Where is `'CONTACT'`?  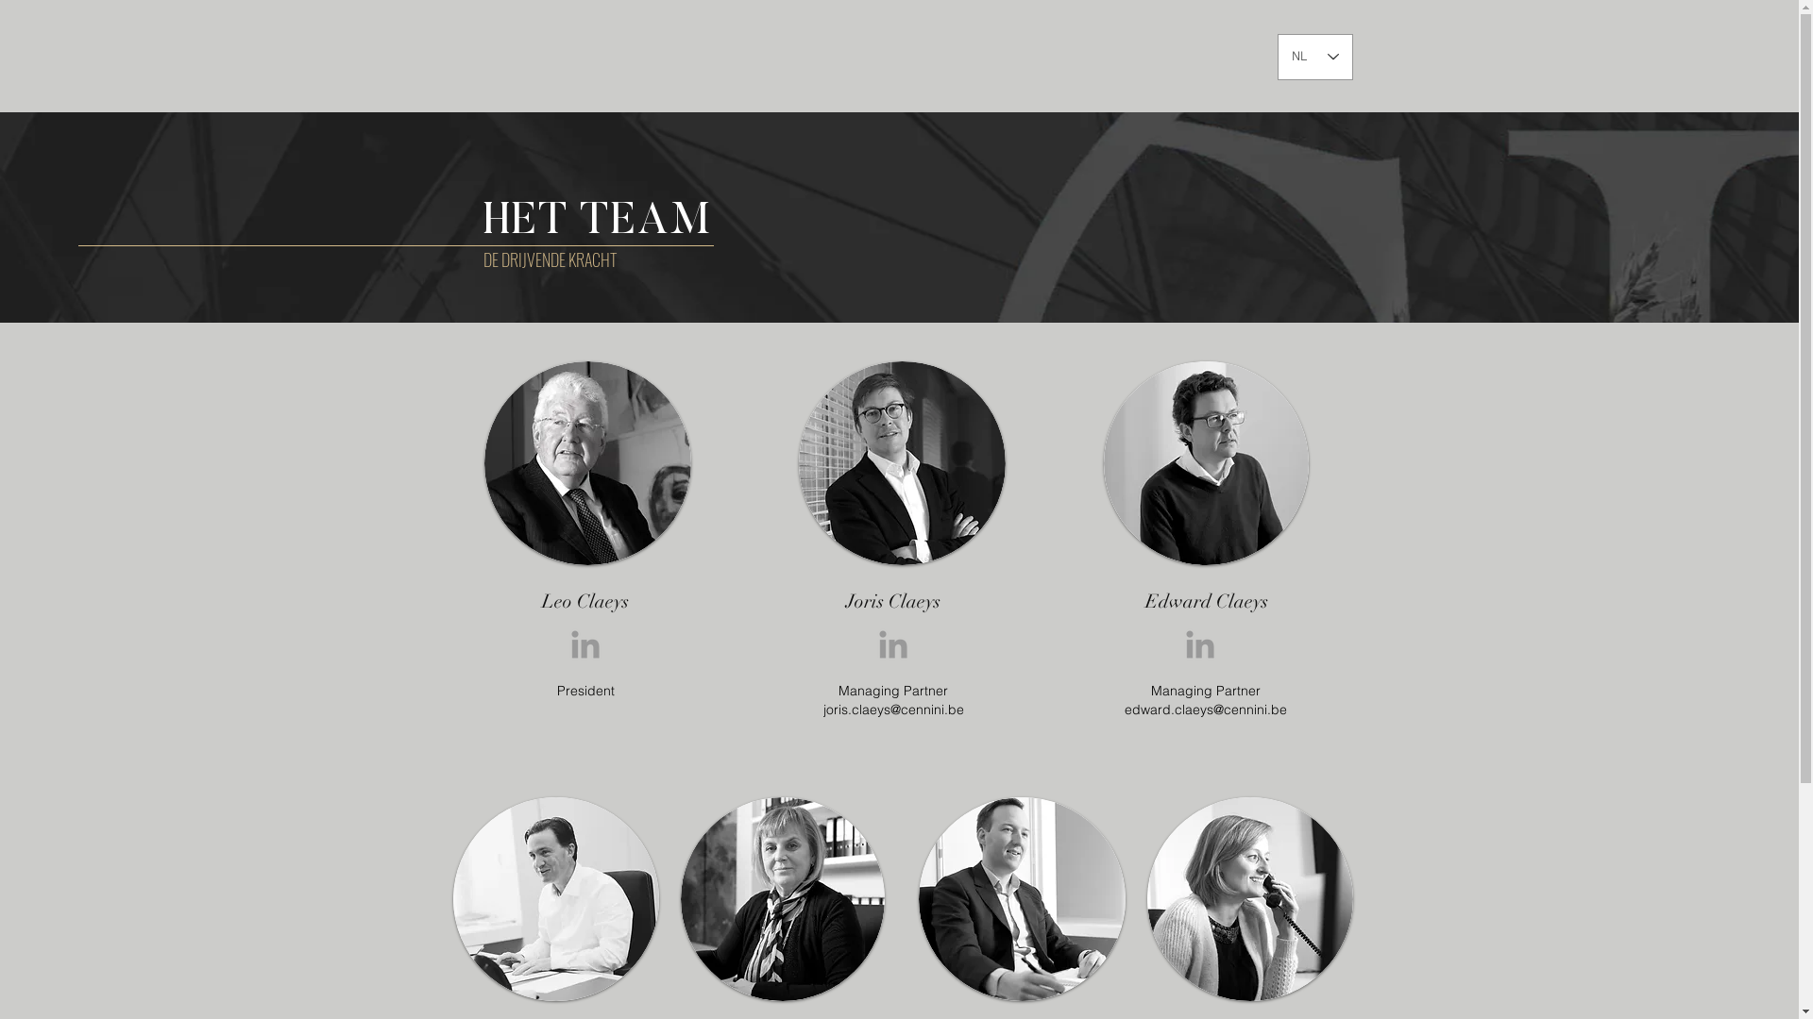
'CONTACT' is located at coordinates (1186, 54).